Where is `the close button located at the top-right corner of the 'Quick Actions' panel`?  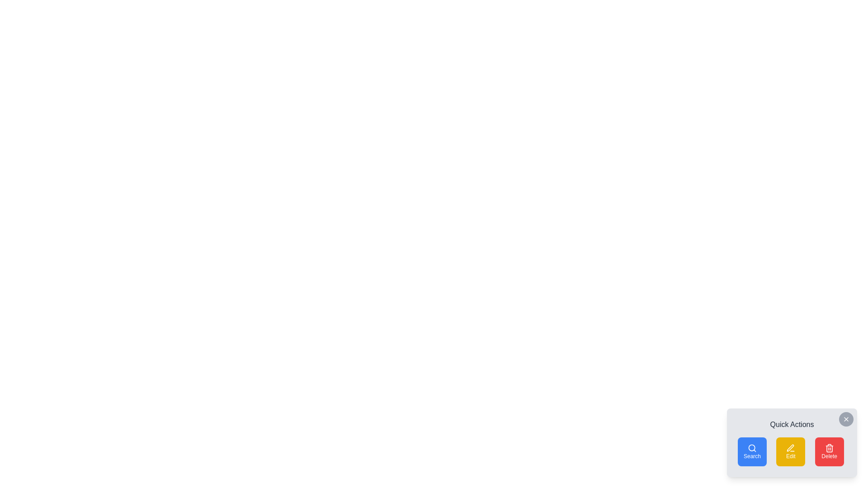 the close button located at the top-right corner of the 'Quick Actions' panel is located at coordinates (846, 419).